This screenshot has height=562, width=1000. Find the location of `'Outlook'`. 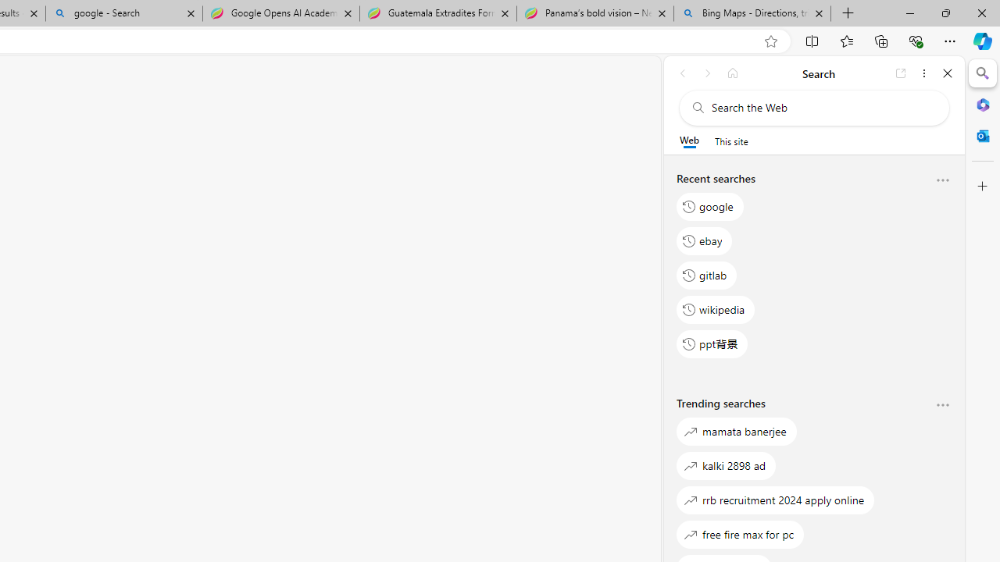

'Outlook' is located at coordinates (982, 135).